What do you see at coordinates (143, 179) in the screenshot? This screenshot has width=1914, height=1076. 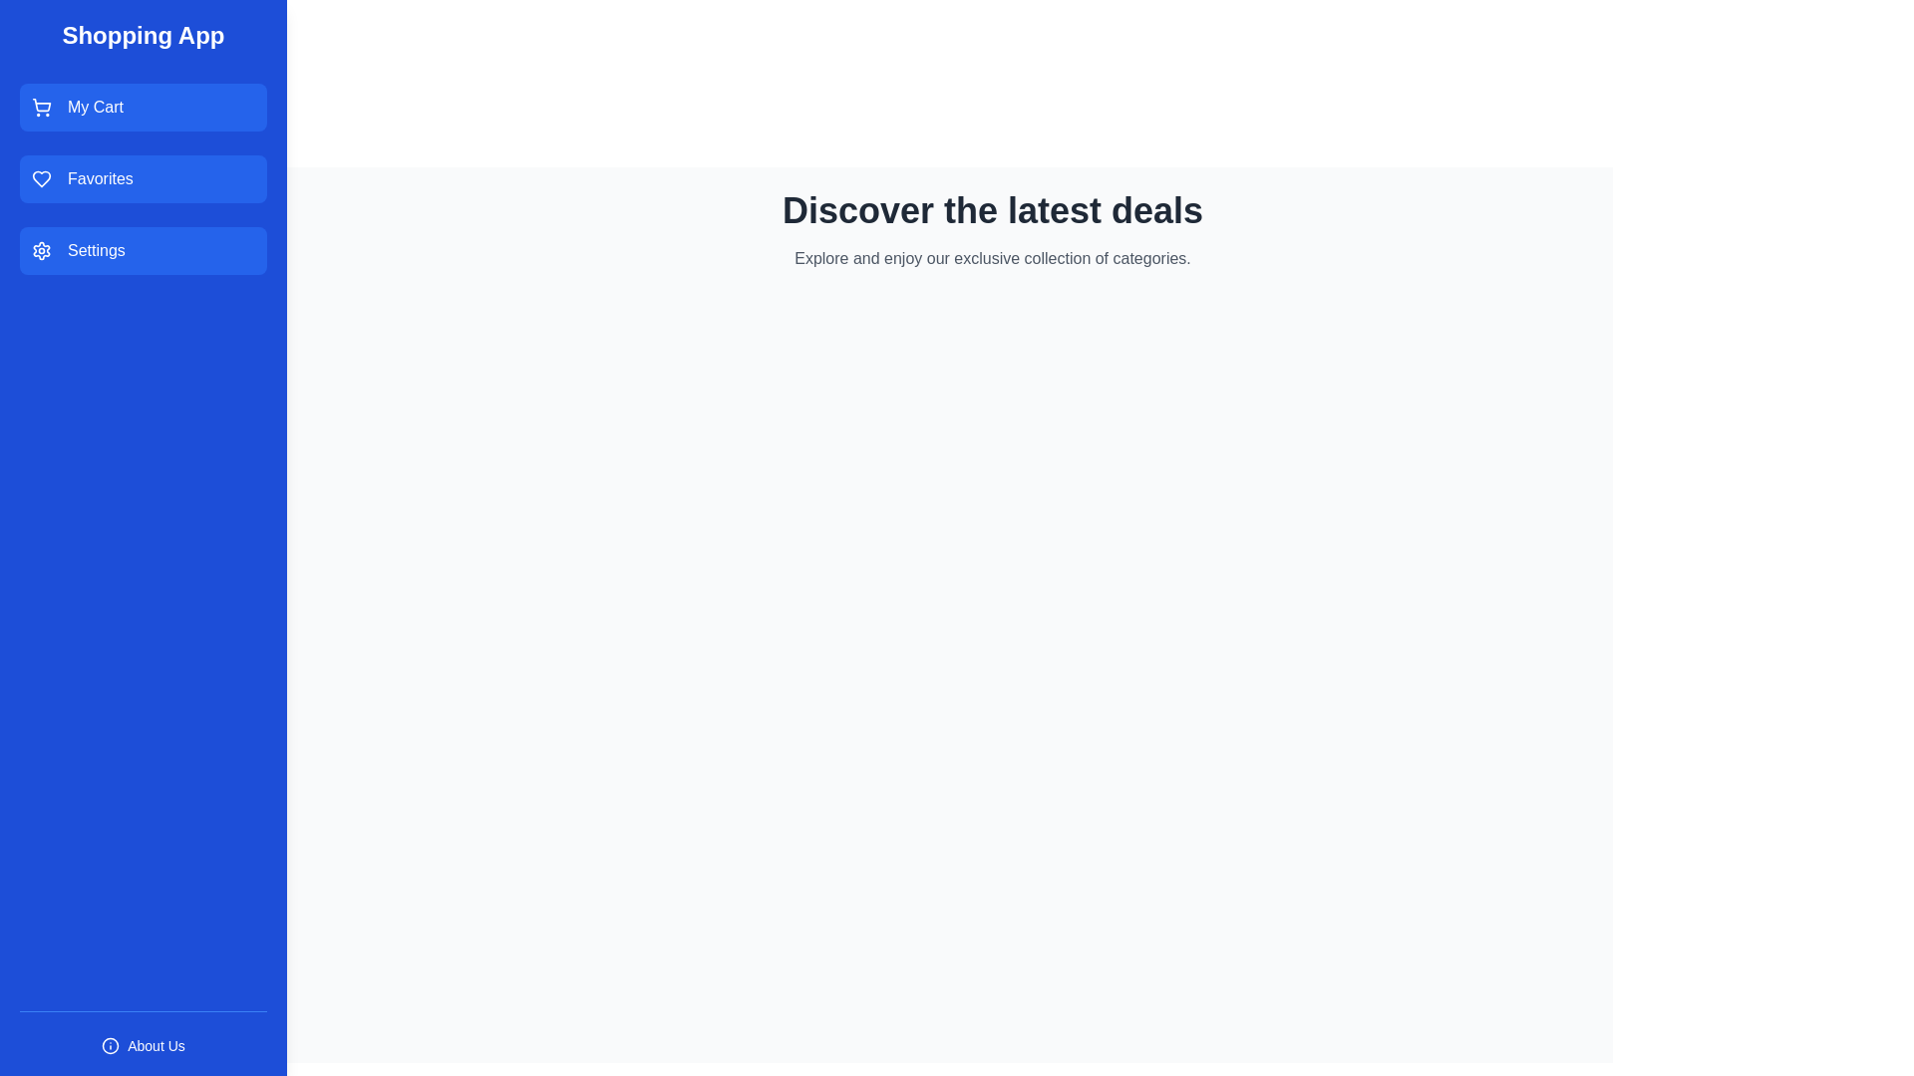 I see `the 'Favorites' button to navigate to the Favorites section` at bounding box center [143, 179].